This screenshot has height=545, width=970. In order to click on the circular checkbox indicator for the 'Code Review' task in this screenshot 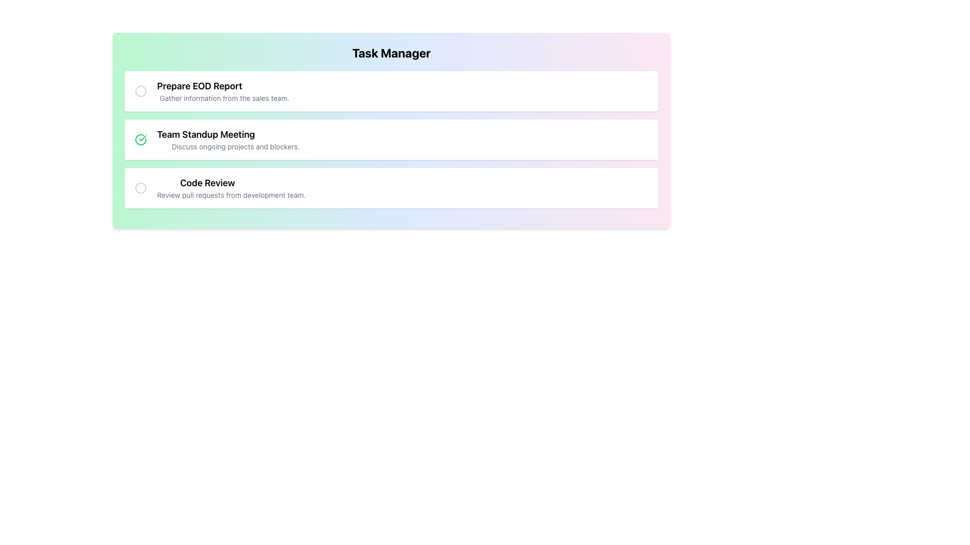, I will do `click(140, 188)`.